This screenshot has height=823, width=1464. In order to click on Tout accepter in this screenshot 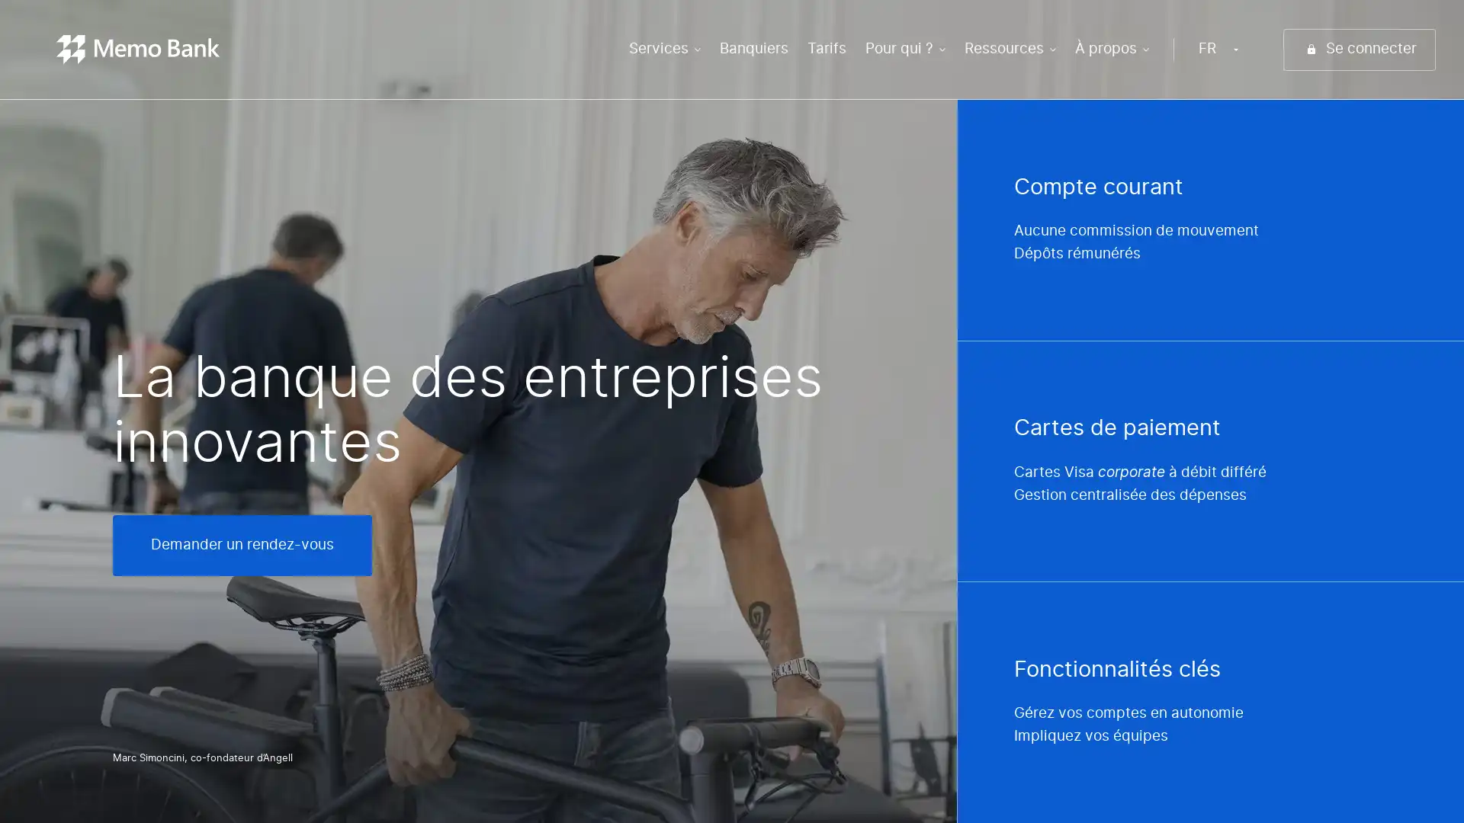, I will do `click(255, 745)`.